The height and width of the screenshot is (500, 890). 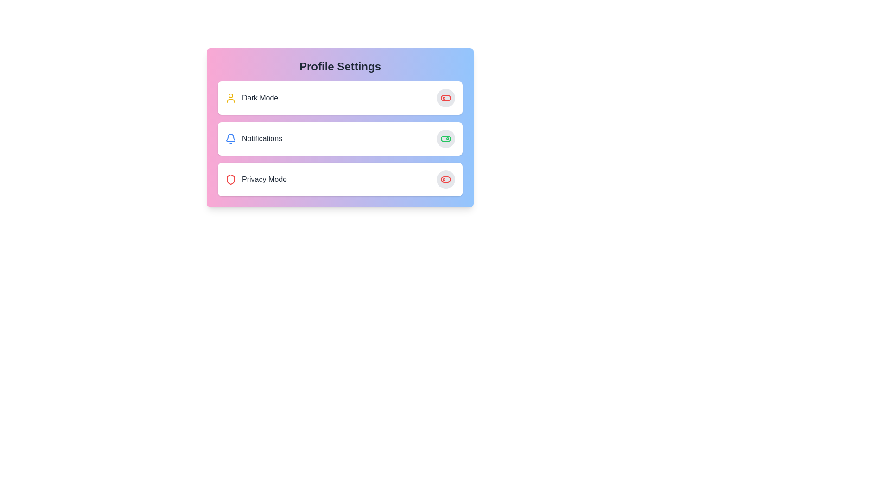 I want to click on the background of the toggle switch in the 'on' state, which is located in the top-right section of the toggle switch UI component, so click(x=445, y=139).